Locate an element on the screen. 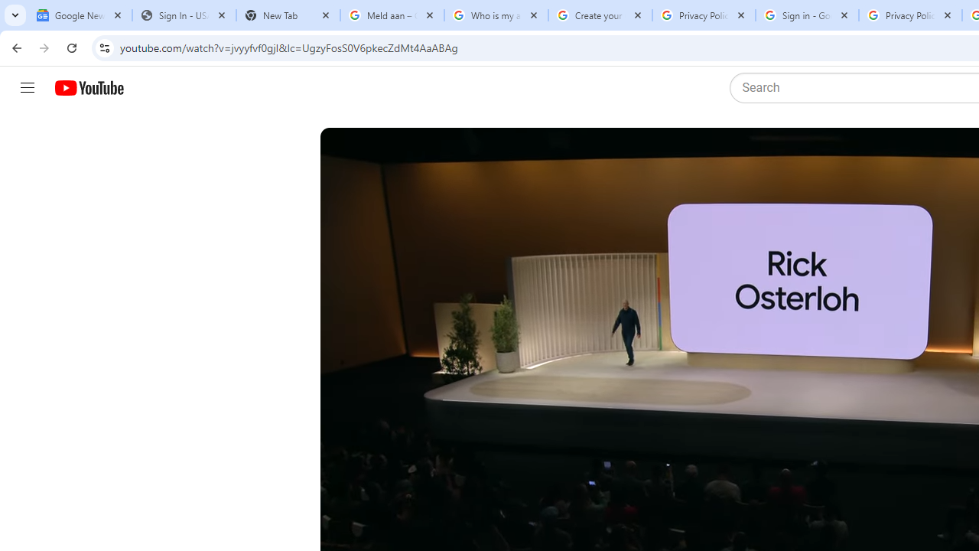  'New Tab' is located at coordinates (288, 15).